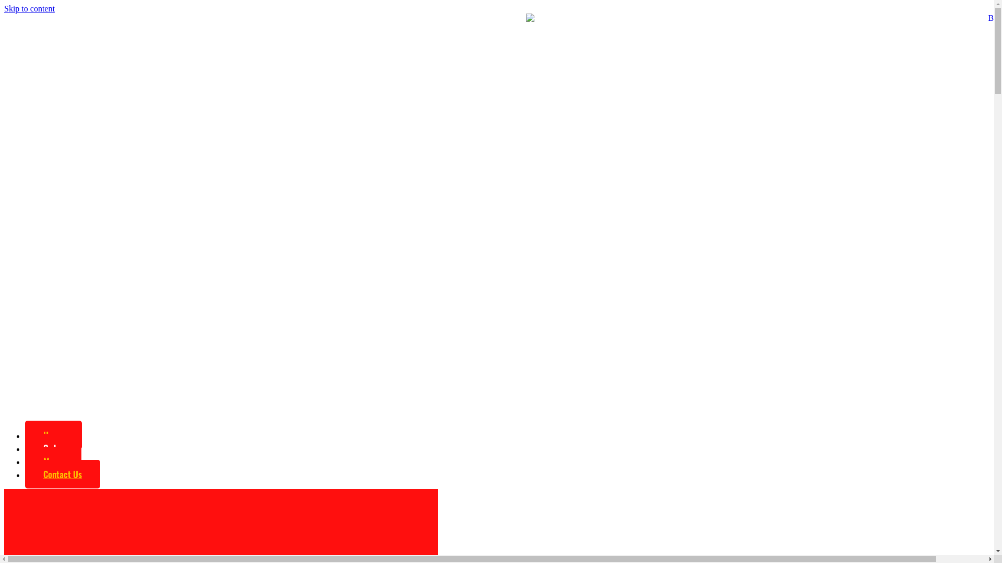 The image size is (1002, 563). I want to click on 'Order', so click(25, 447).